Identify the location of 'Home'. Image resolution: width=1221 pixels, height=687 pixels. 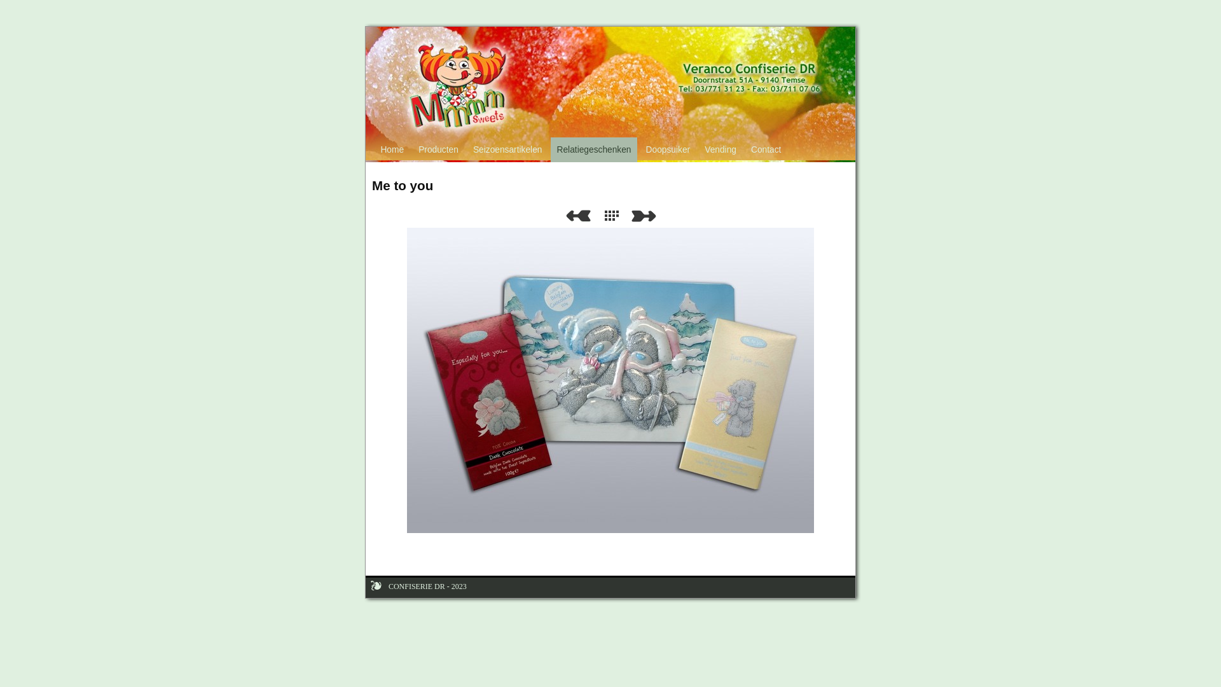
(392, 149).